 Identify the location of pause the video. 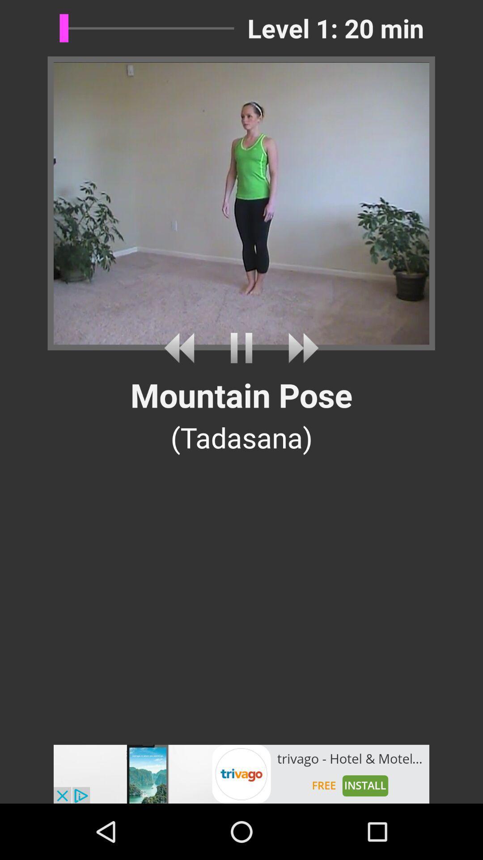
(241, 348).